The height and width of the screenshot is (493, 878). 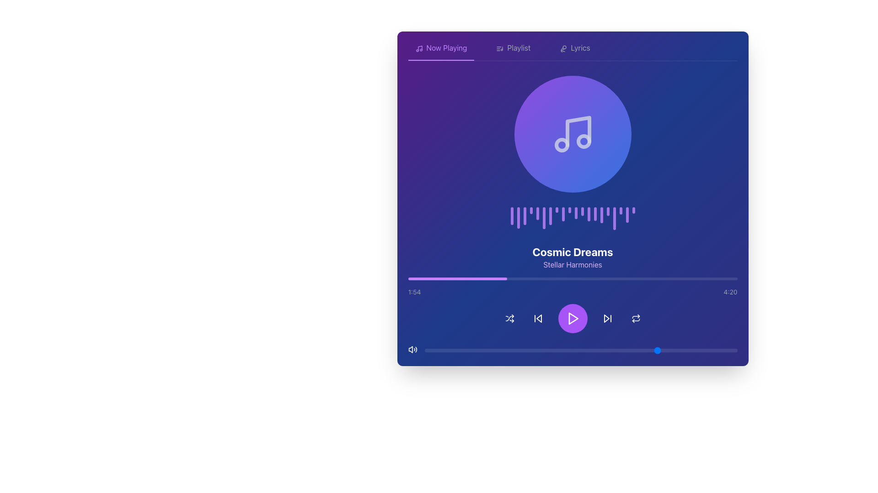 I want to click on the circular purple button with a white play icon at the center of the control bar to play or pause media, so click(x=572, y=318).